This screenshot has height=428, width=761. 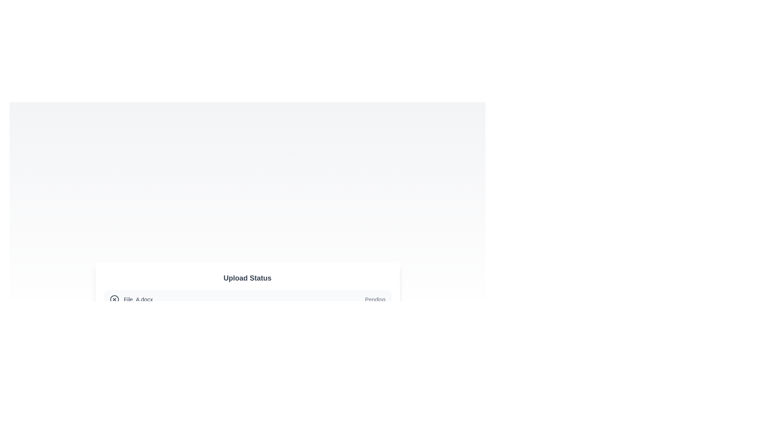 I want to click on the first list item in the upload status section, which displays the file name and its upload status ('Pending'), so click(x=247, y=300).